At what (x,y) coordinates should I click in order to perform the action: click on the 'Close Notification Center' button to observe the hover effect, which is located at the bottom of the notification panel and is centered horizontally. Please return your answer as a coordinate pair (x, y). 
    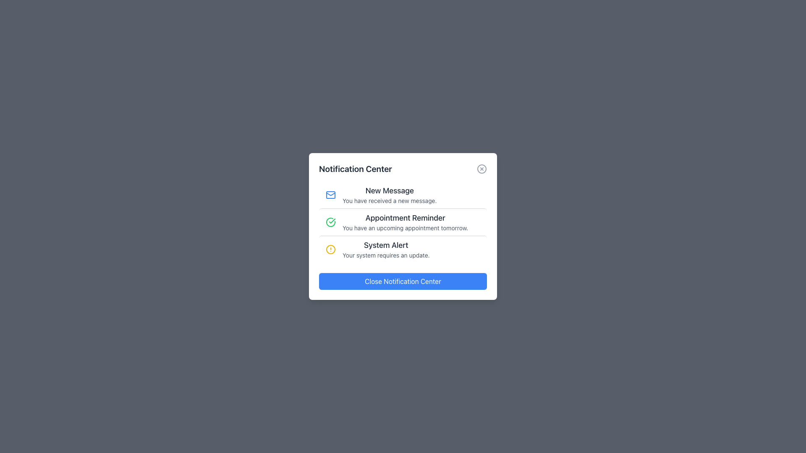
    Looking at the image, I should click on (403, 281).